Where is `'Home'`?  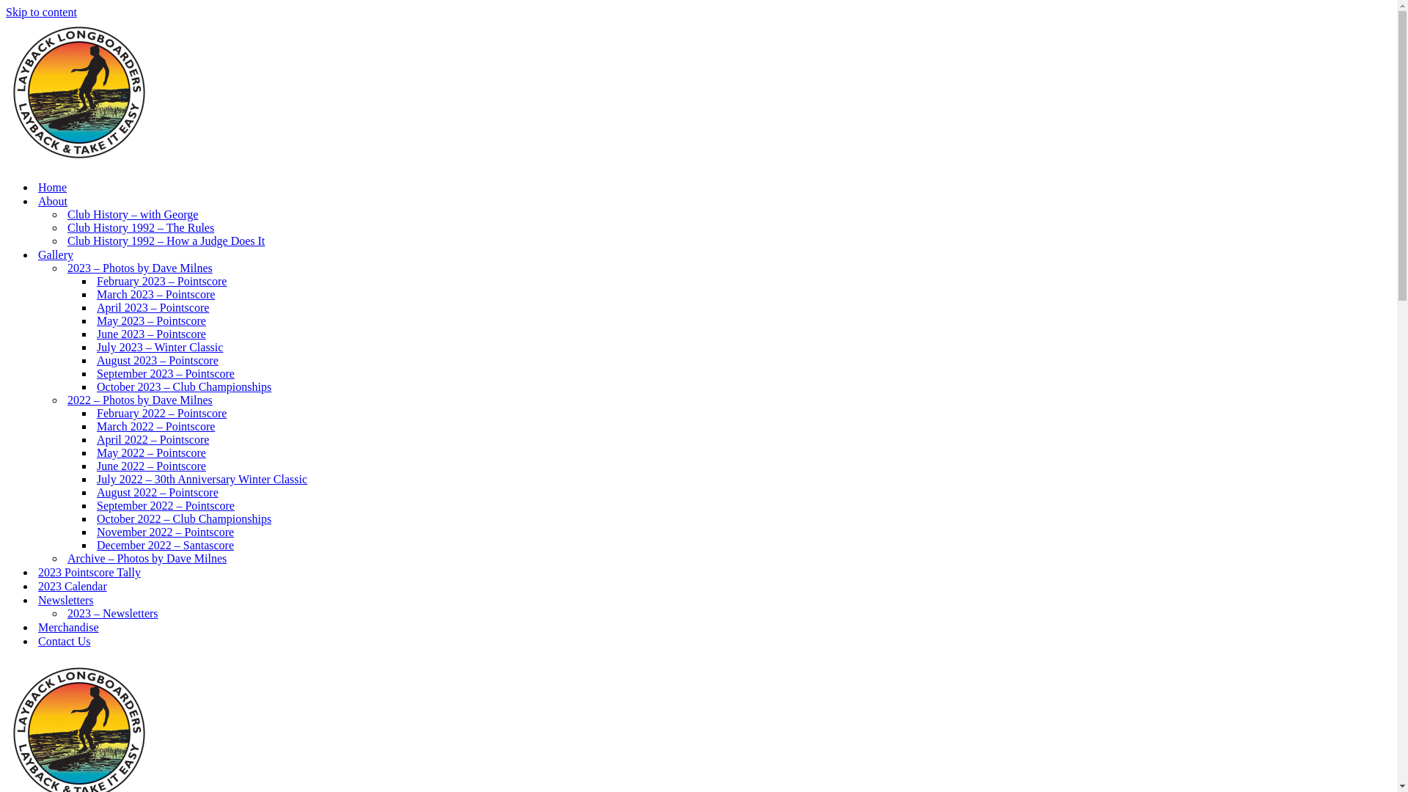 'Home' is located at coordinates (52, 186).